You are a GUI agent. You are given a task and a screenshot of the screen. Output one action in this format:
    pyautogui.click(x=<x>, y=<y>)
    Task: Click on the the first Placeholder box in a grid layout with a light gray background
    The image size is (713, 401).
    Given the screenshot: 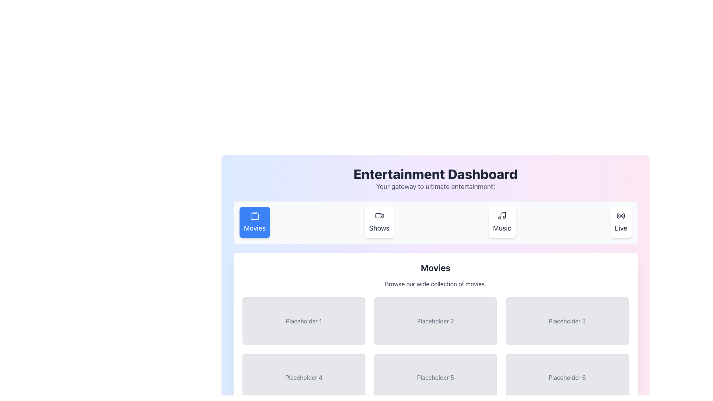 What is the action you would take?
    pyautogui.click(x=304, y=320)
    